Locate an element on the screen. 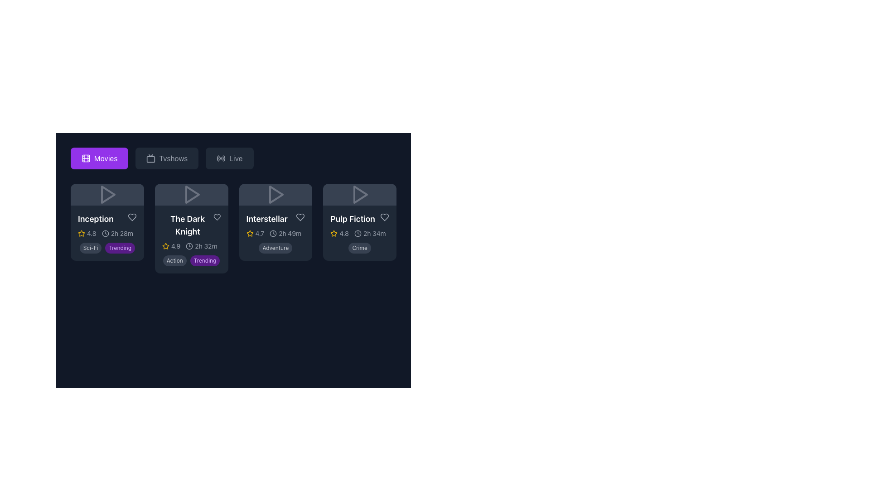 The height and width of the screenshot is (489, 870). the text label identifying the movie 'Interstellar' located in the third card from the left is located at coordinates (275, 219).